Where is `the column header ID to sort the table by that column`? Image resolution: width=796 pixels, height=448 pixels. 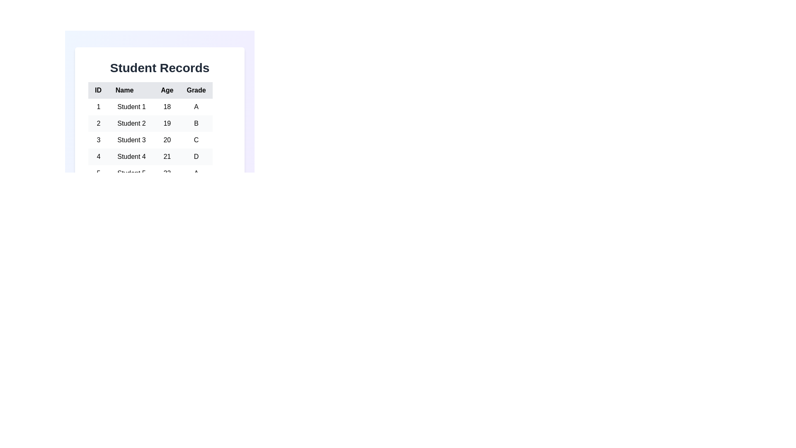
the column header ID to sort the table by that column is located at coordinates (98, 90).